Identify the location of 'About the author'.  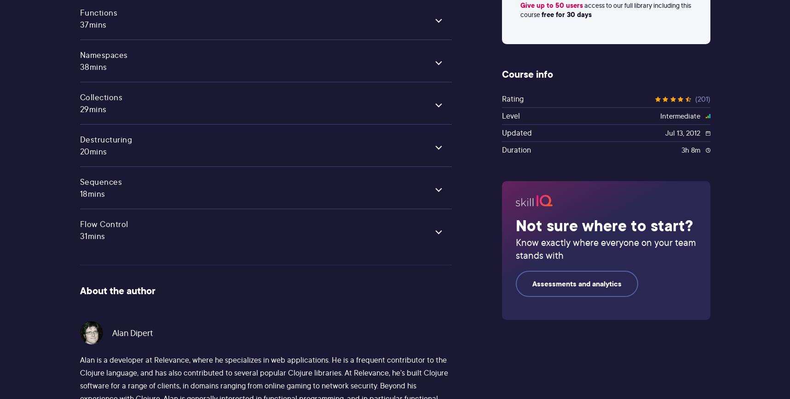
(116, 291).